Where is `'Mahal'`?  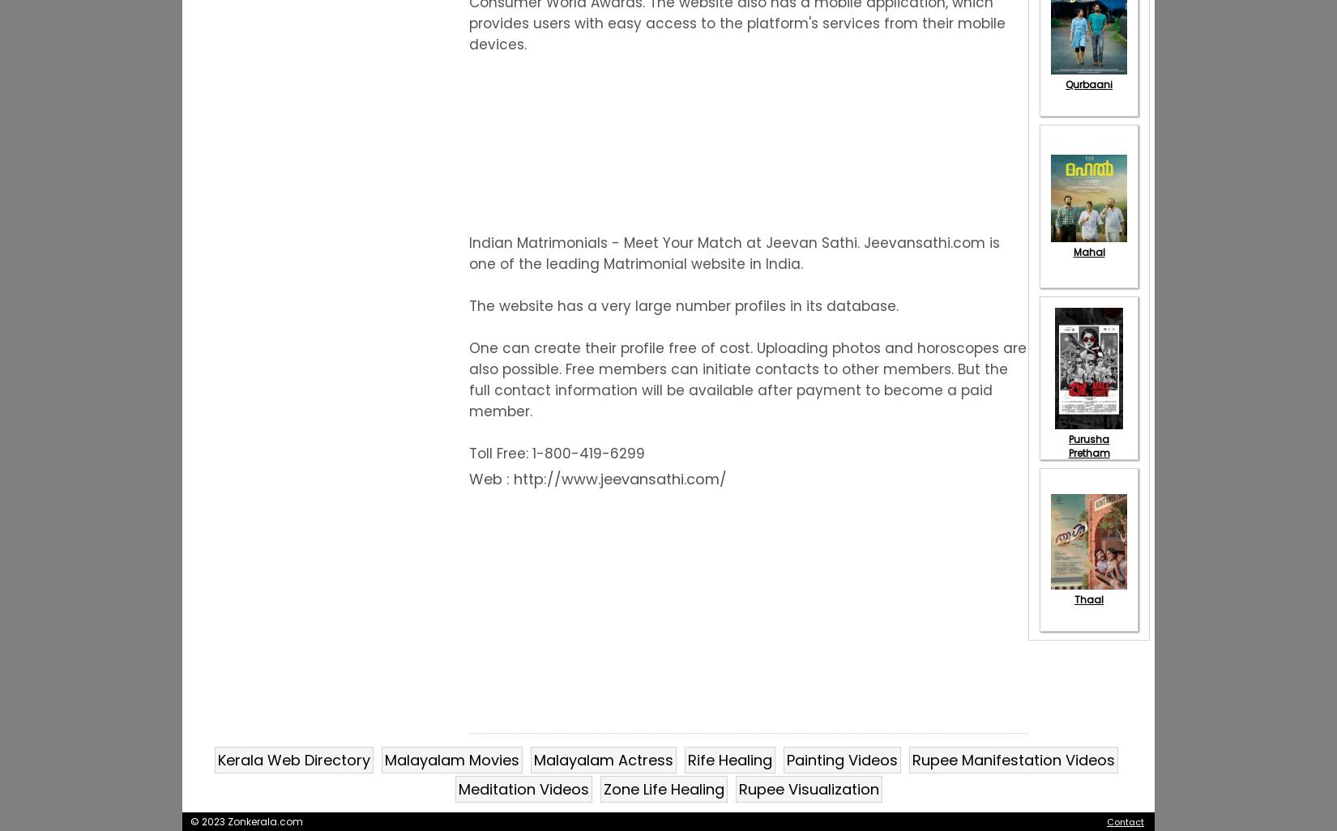 'Mahal' is located at coordinates (1087, 251).